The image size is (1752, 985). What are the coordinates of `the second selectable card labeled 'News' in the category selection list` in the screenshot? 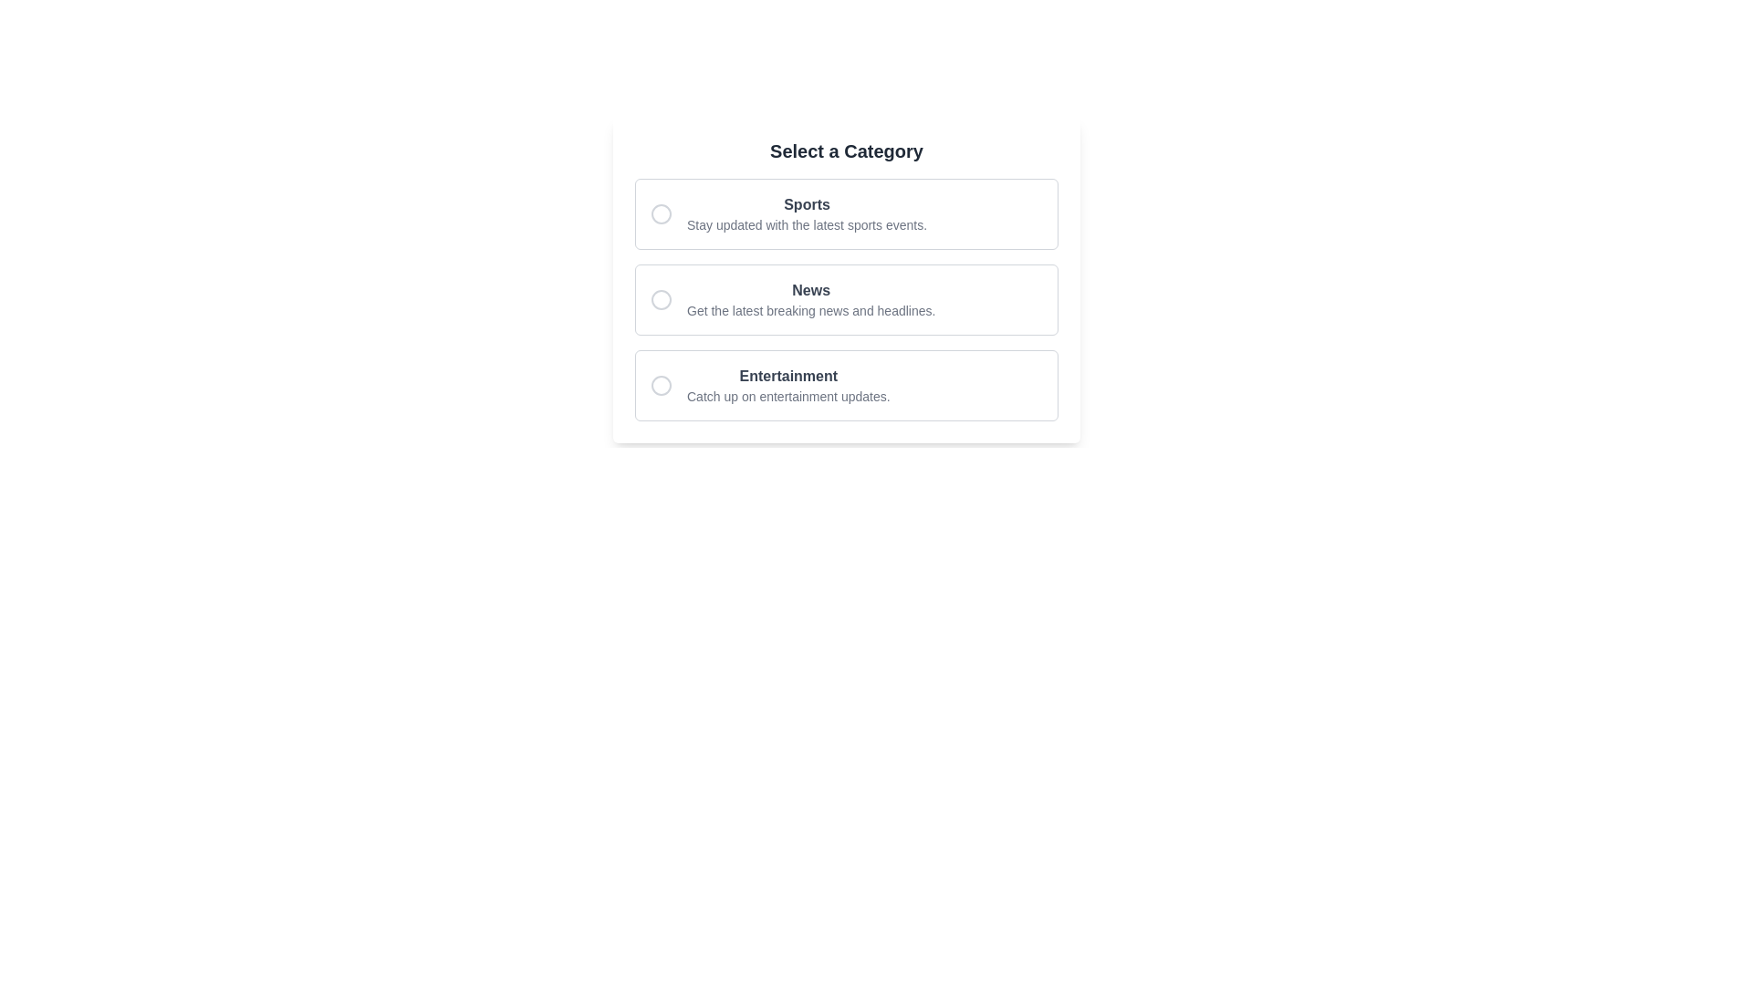 It's located at (845, 298).